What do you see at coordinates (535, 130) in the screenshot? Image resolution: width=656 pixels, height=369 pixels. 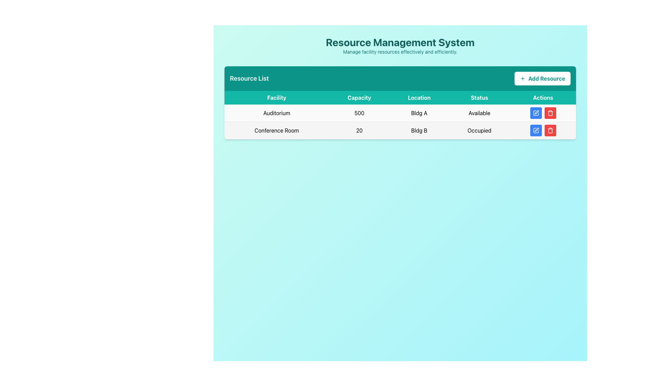 I see `the visual style of the Icon Component that decorates the button for the 'Conference Room' entry in the resource table, located in the 'Actions' column of the second row` at bounding box center [535, 130].